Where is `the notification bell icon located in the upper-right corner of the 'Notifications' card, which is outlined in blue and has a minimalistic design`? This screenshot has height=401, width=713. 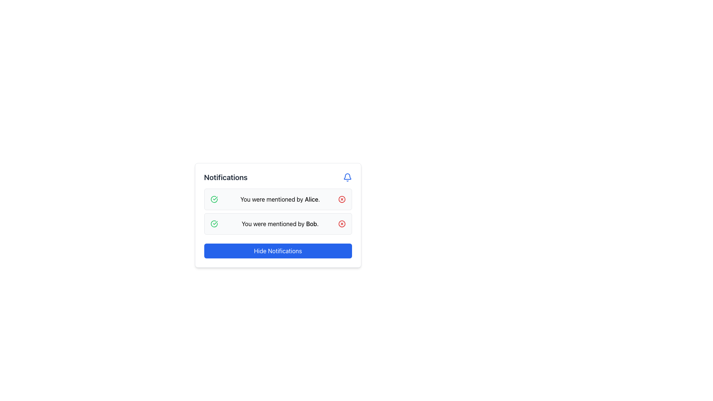 the notification bell icon located in the upper-right corner of the 'Notifications' card, which is outlined in blue and has a minimalistic design is located at coordinates (347, 177).